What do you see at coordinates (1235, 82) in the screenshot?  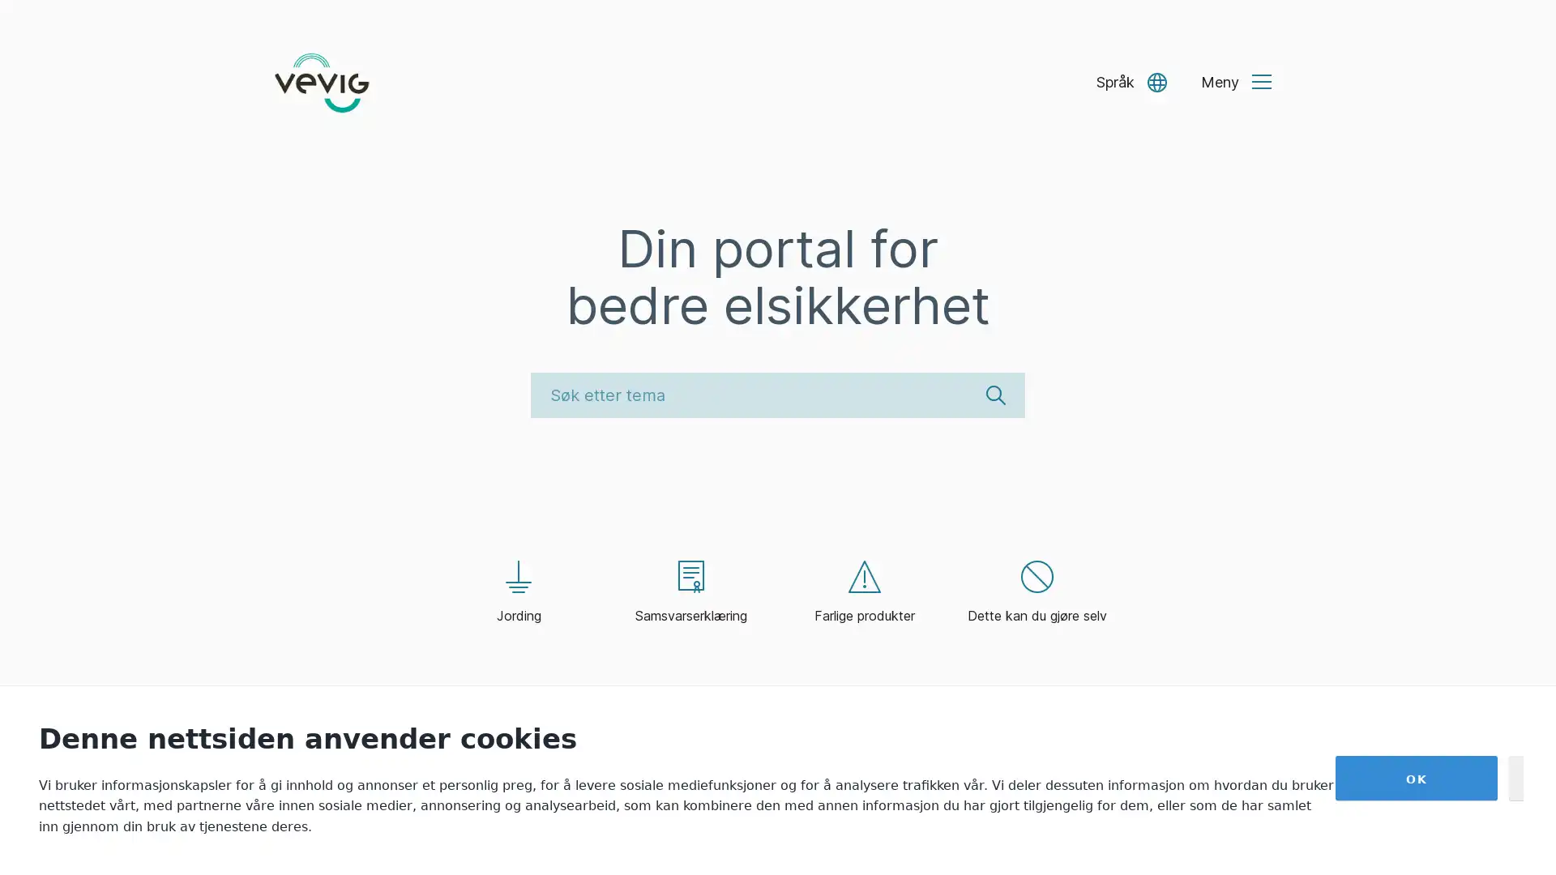 I see `Meny` at bounding box center [1235, 82].